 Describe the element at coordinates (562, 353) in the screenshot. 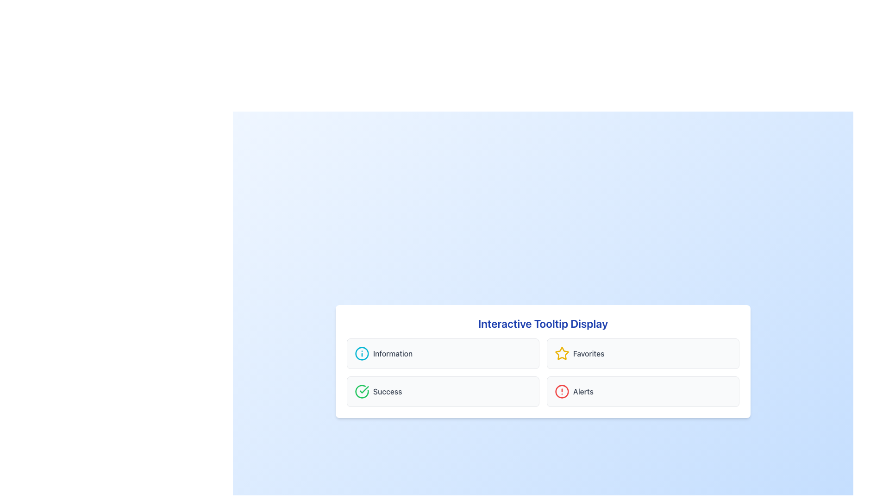

I see `the favorites indicator star icon located in the upper-right card labeled 'Favorites' in the grid layout` at that location.